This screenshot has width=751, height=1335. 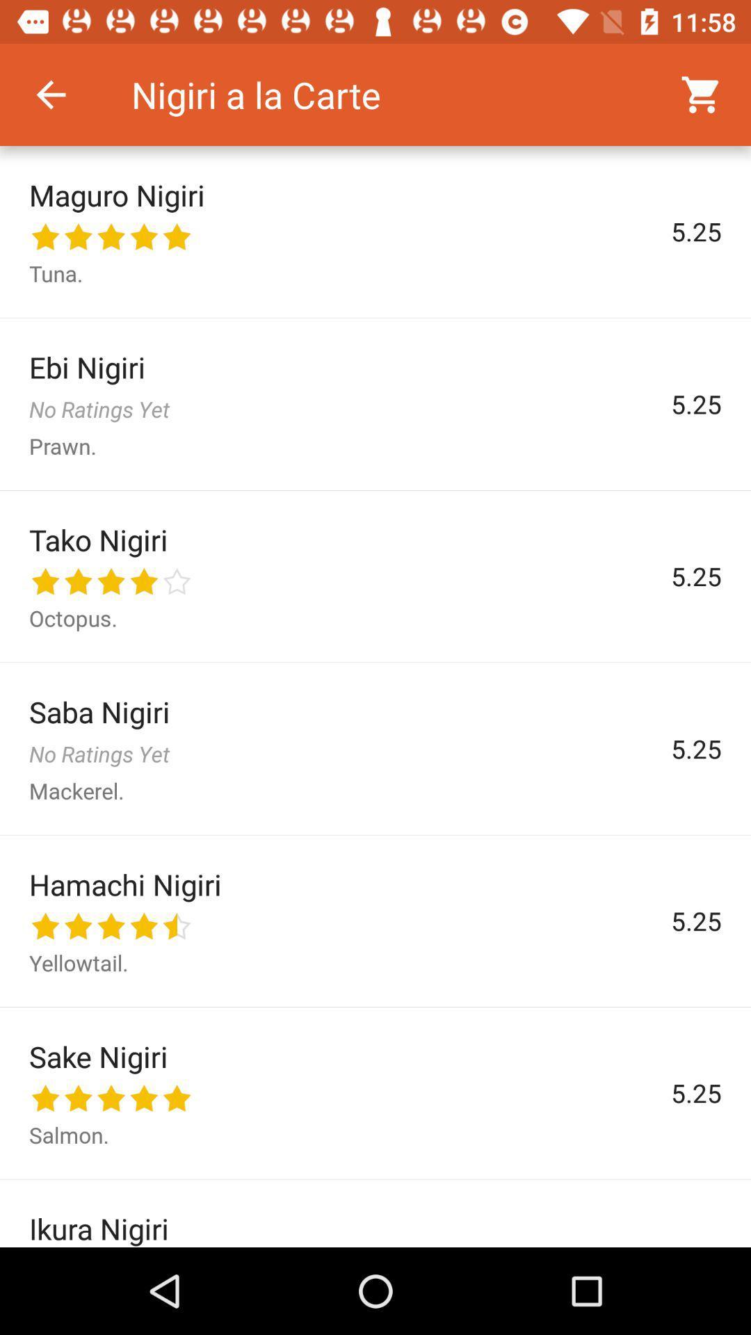 I want to click on item to the left of the nigiri a la item, so click(x=50, y=94).